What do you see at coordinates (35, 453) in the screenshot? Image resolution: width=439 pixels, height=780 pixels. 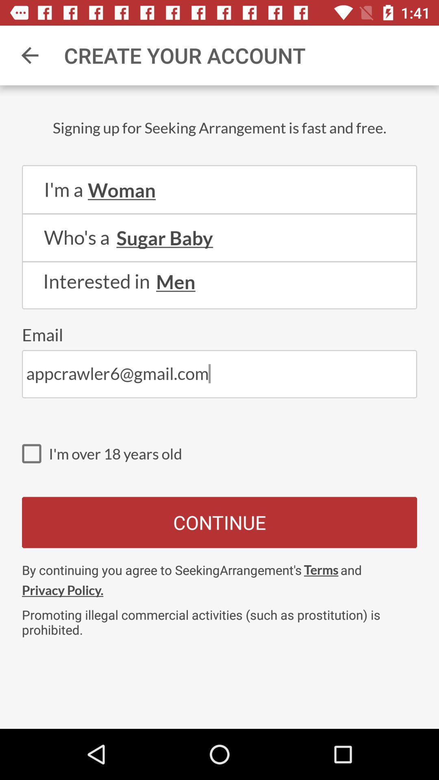 I see `the icon above the continue` at bounding box center [35, 453].